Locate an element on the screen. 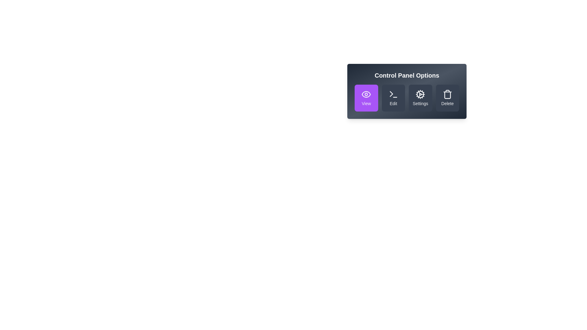 Image resolution: width=587 pixels, height=330 pixels. the stylized eye icon located in the leftmost button of the horizontal menu, which contains options such as View, Edit, Settings, and Delete is located at coordinates (366, 94).